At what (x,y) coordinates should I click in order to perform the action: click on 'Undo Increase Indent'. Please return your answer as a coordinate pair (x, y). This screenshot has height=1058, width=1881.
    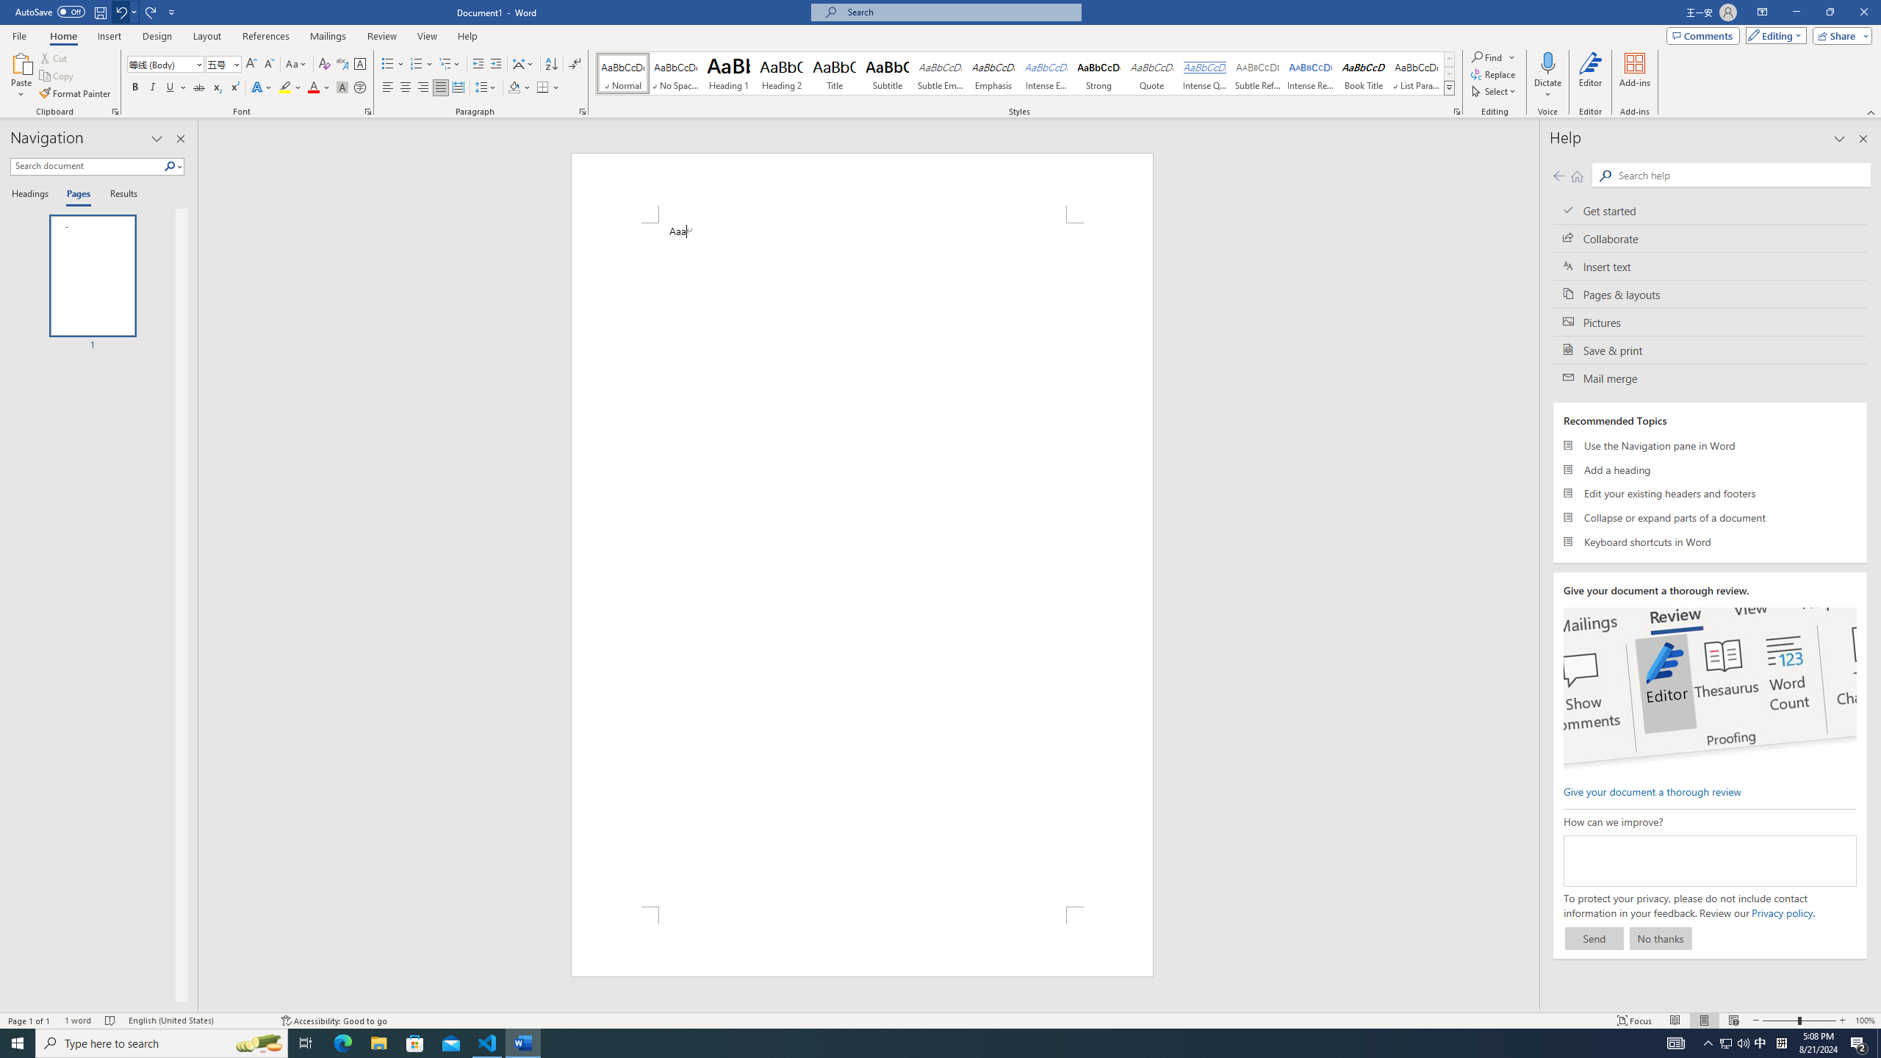
    Looking at the image, I should click on (125, 11).